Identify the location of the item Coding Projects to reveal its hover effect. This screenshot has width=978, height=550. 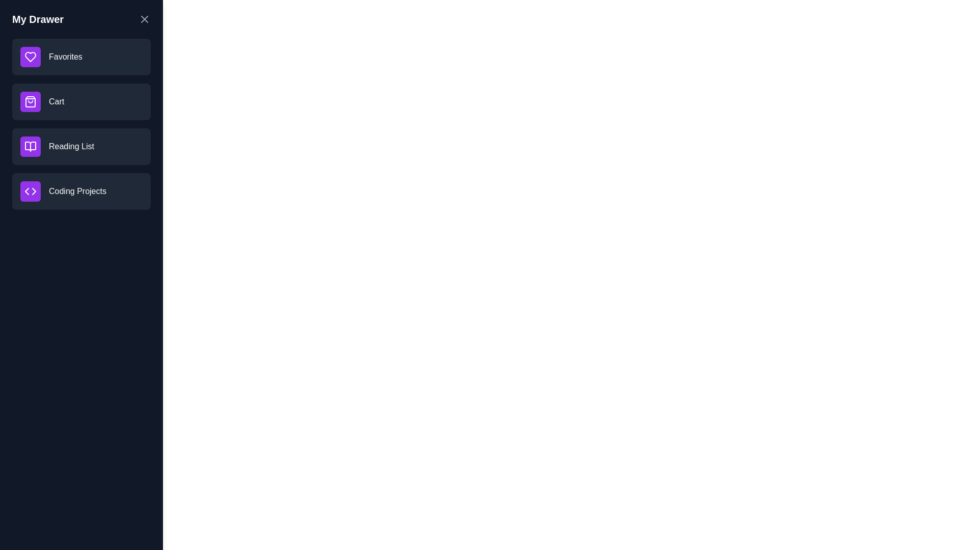
(80, 191).